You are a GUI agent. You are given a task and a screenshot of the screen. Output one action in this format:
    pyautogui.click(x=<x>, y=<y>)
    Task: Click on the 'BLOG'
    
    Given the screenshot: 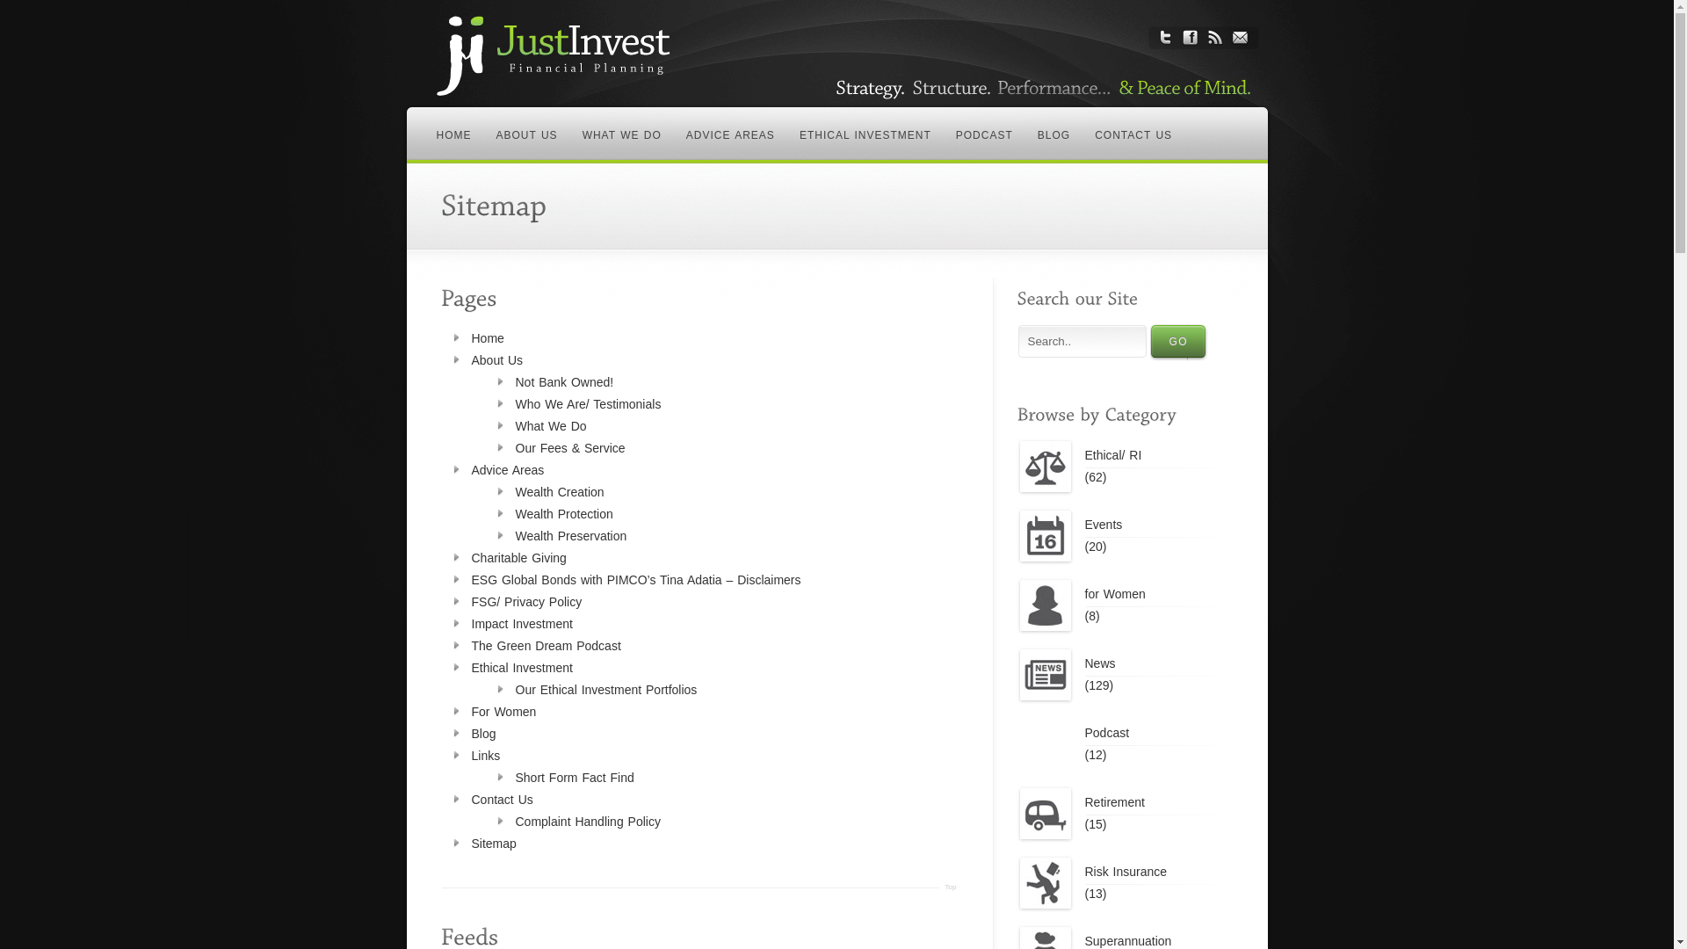 What is the action you would take?
    pyautogui.click(x=1053, y=134)
    